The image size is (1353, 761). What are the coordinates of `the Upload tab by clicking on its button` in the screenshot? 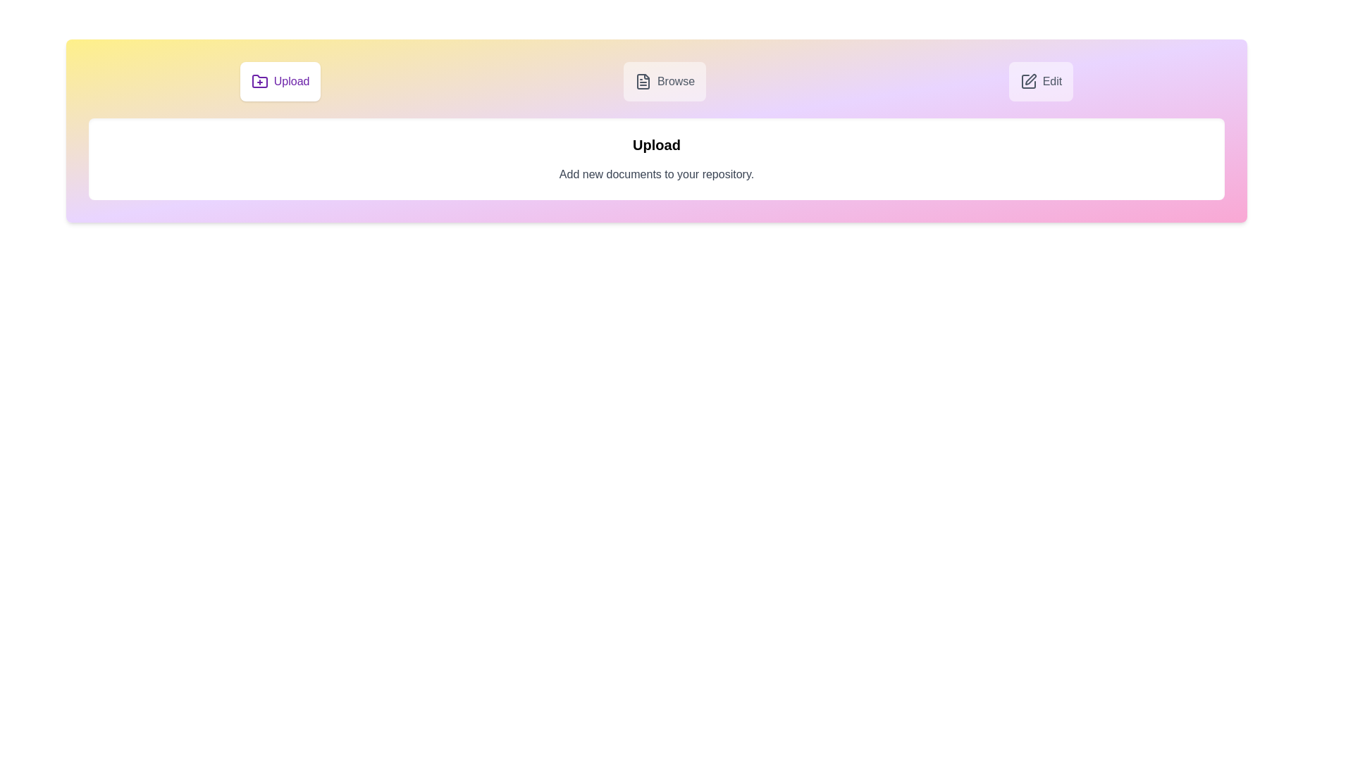 It's located at (280, 81).